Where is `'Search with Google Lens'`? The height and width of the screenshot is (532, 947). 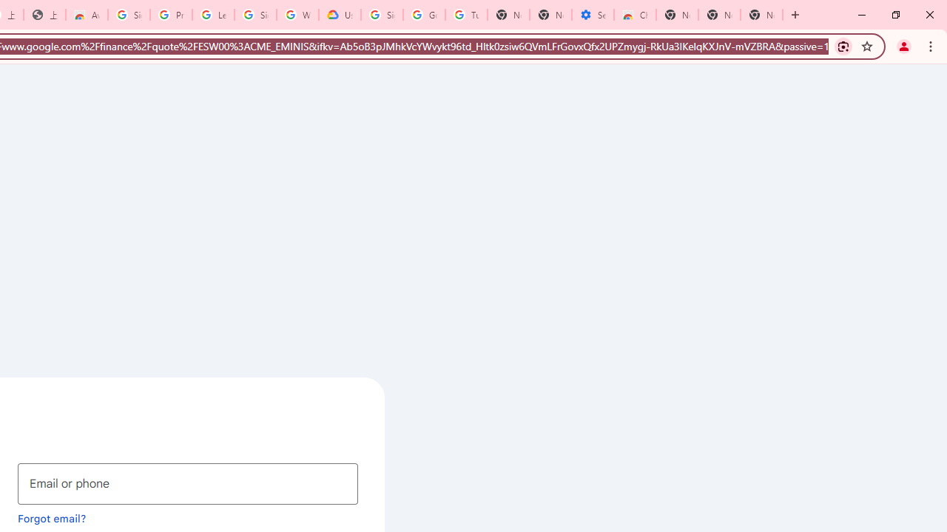 'Search with Google Lens' is located at coordinates (843, 45).